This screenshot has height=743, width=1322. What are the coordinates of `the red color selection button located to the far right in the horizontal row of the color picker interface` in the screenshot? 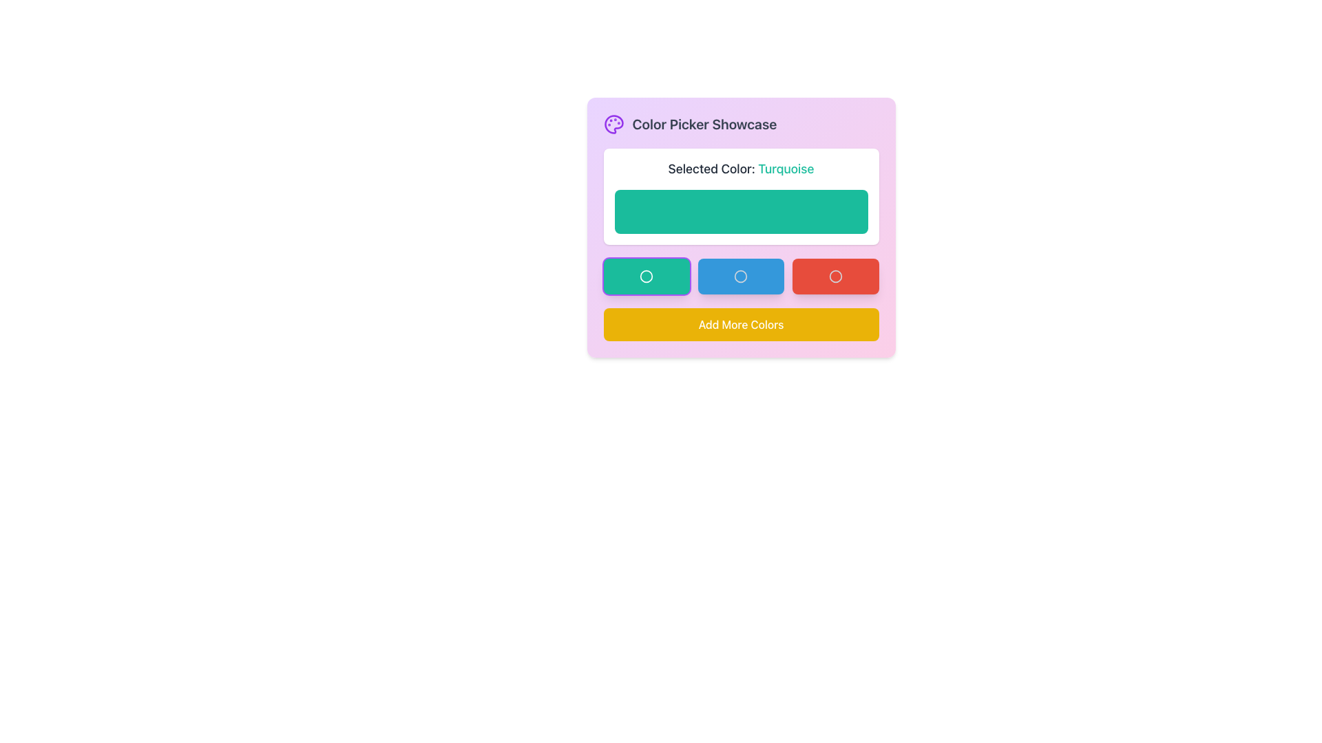 It's located at (835, 276).